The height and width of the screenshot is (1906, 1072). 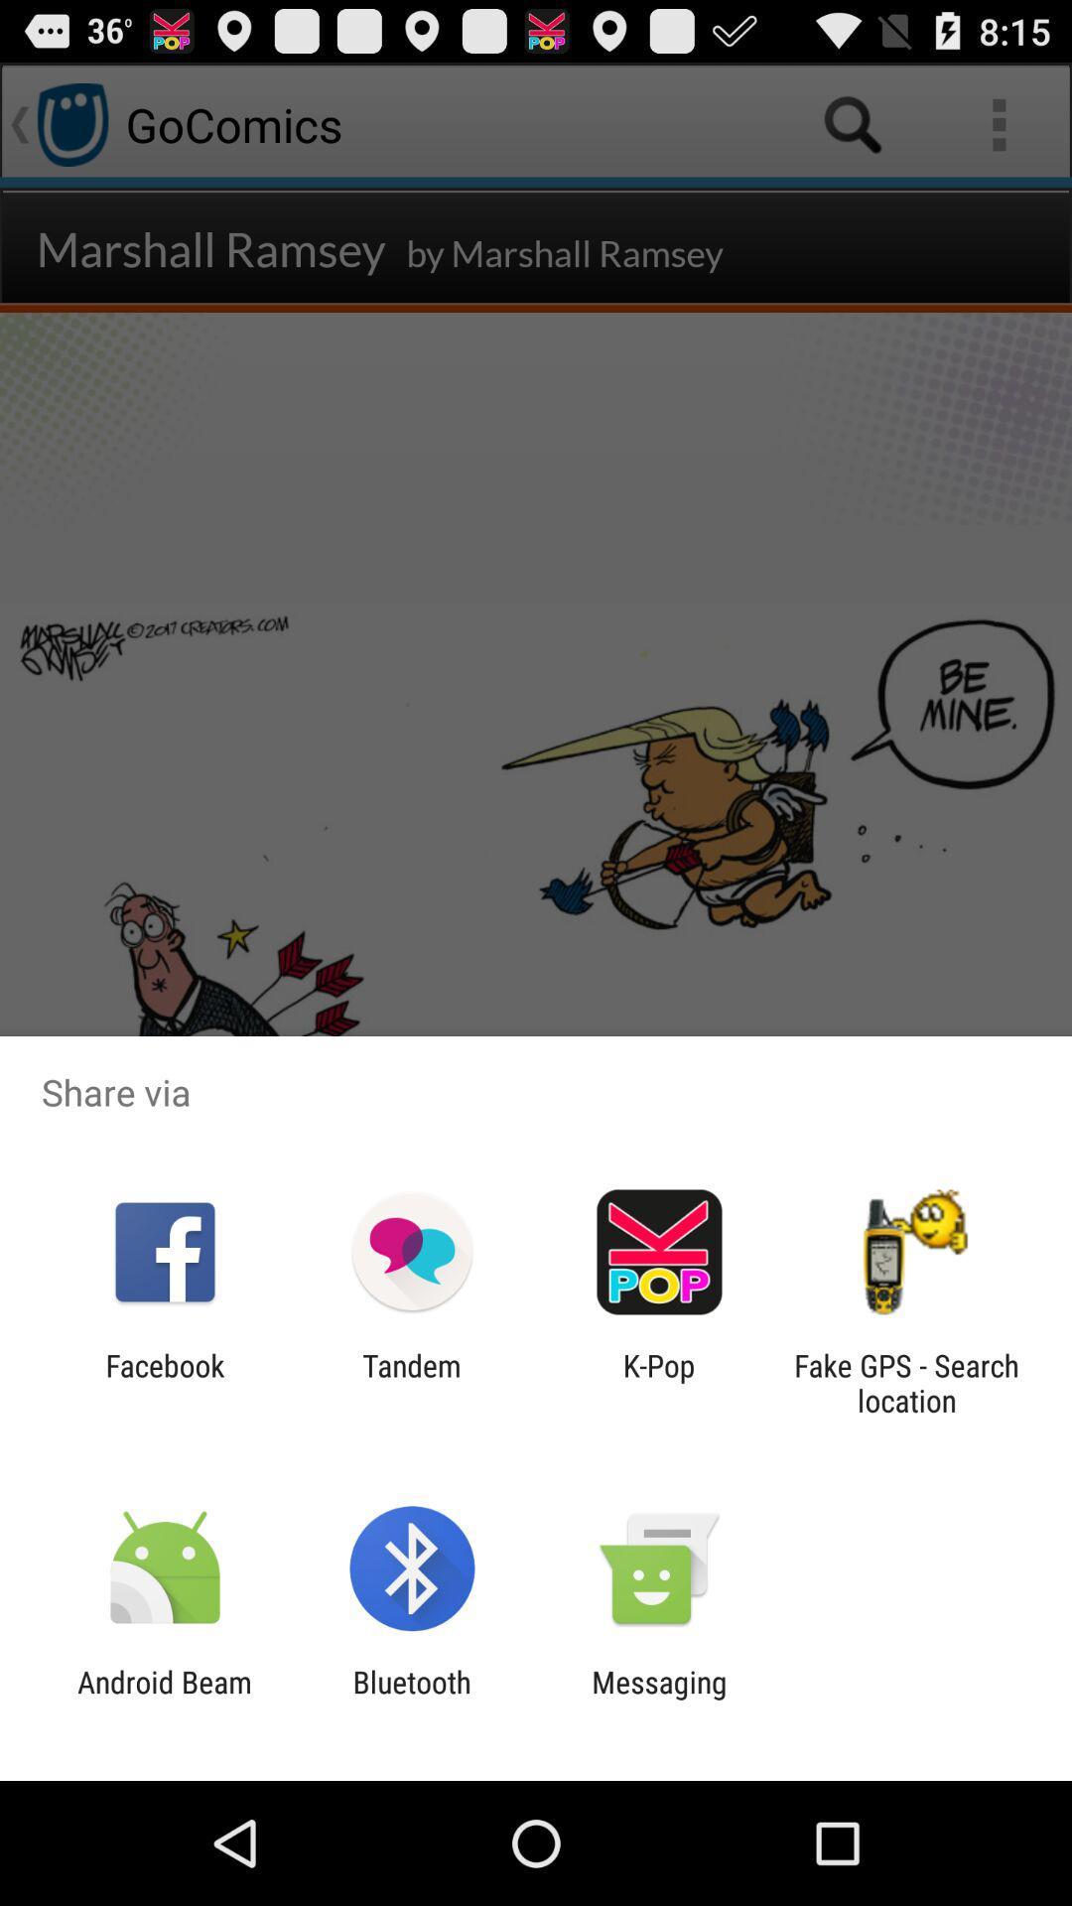 What do you see at coordinates (659, 1382) in the screenshot?
I see `k-pop icon` at bounding box center [659, 1382].